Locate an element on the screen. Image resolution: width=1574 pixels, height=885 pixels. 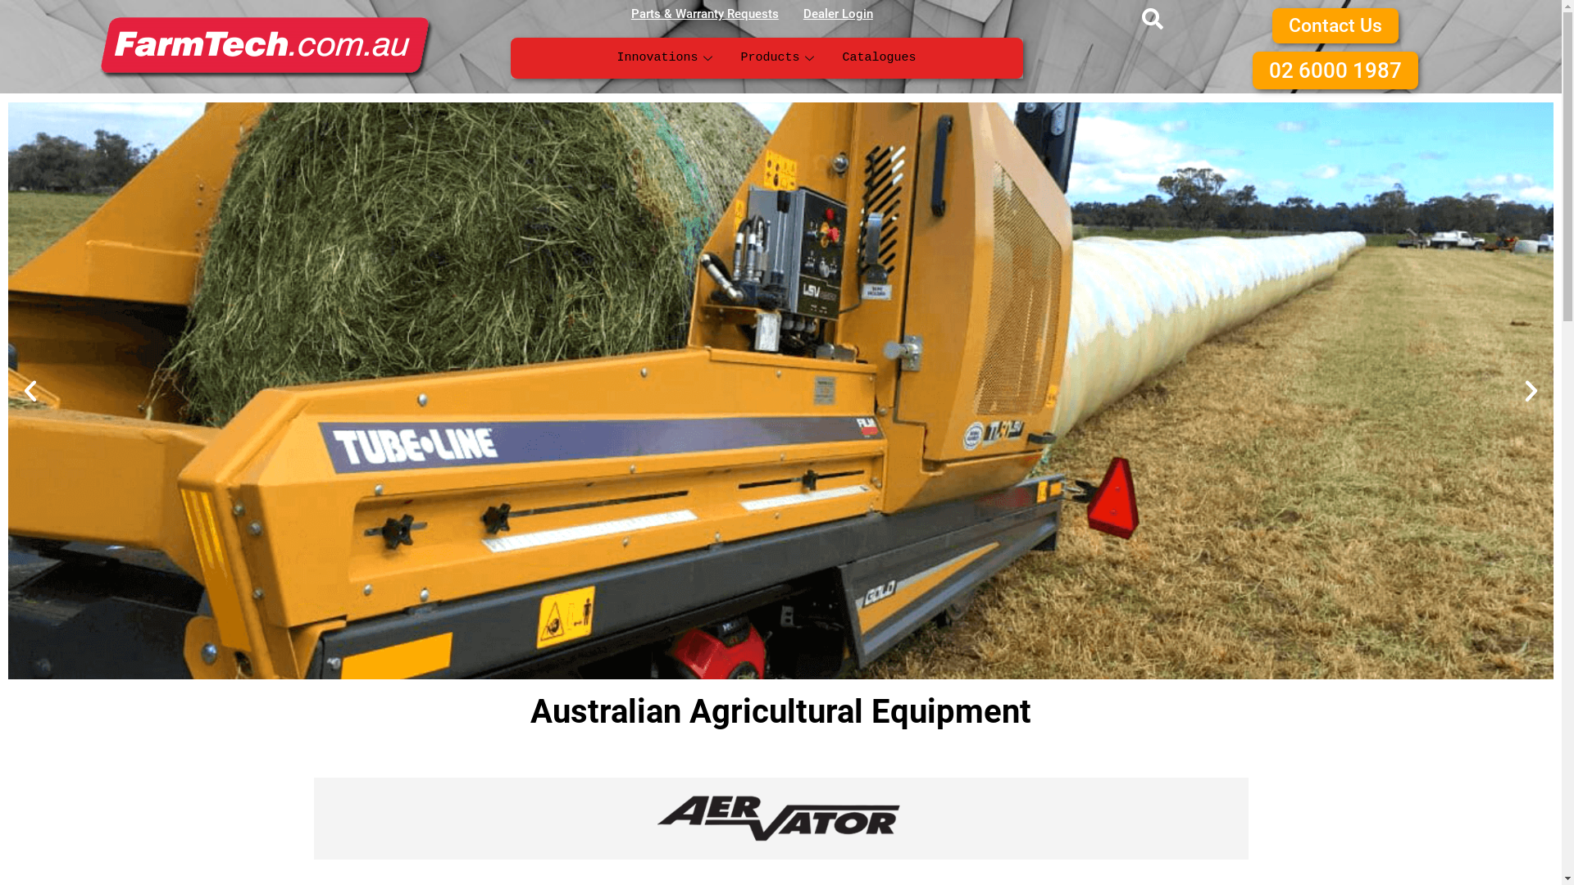
'02 6000 1987' is located at coordinates (1251, 69).